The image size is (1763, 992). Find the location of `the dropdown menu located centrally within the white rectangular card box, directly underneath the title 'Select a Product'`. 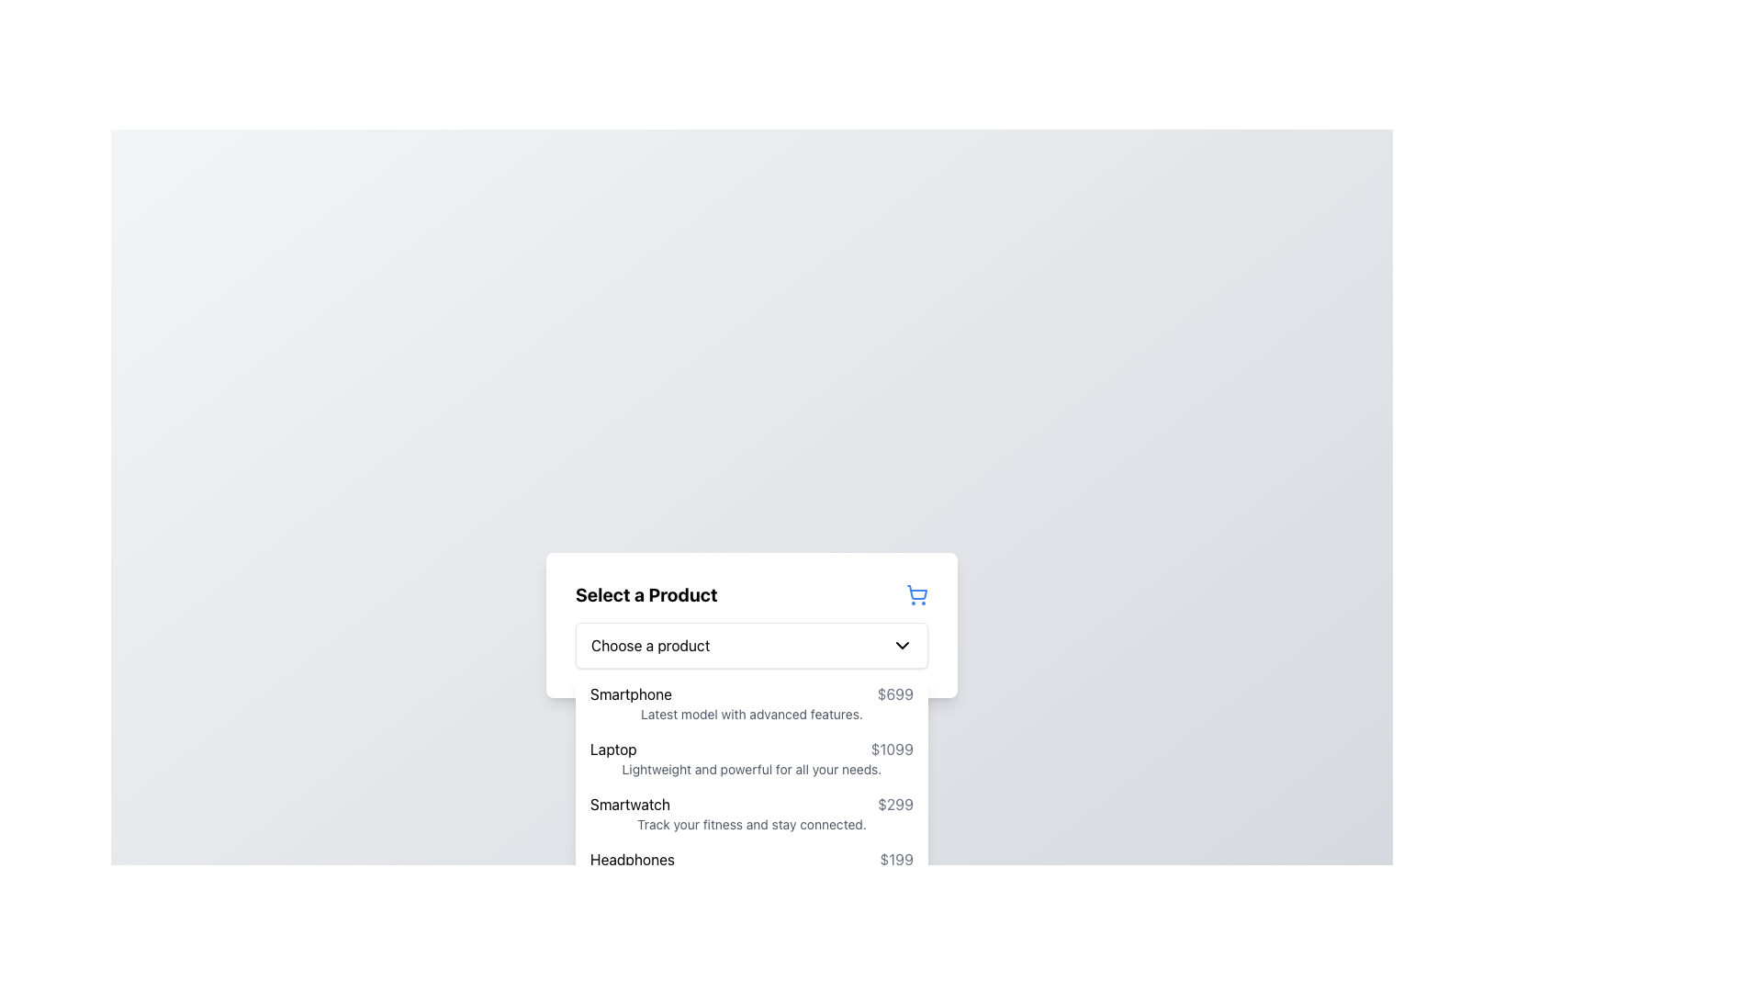

the dropdown menu located centrally within the white rectangular card box, directly underneath the title 'Select a Product' is located at coordinates (752, 644).